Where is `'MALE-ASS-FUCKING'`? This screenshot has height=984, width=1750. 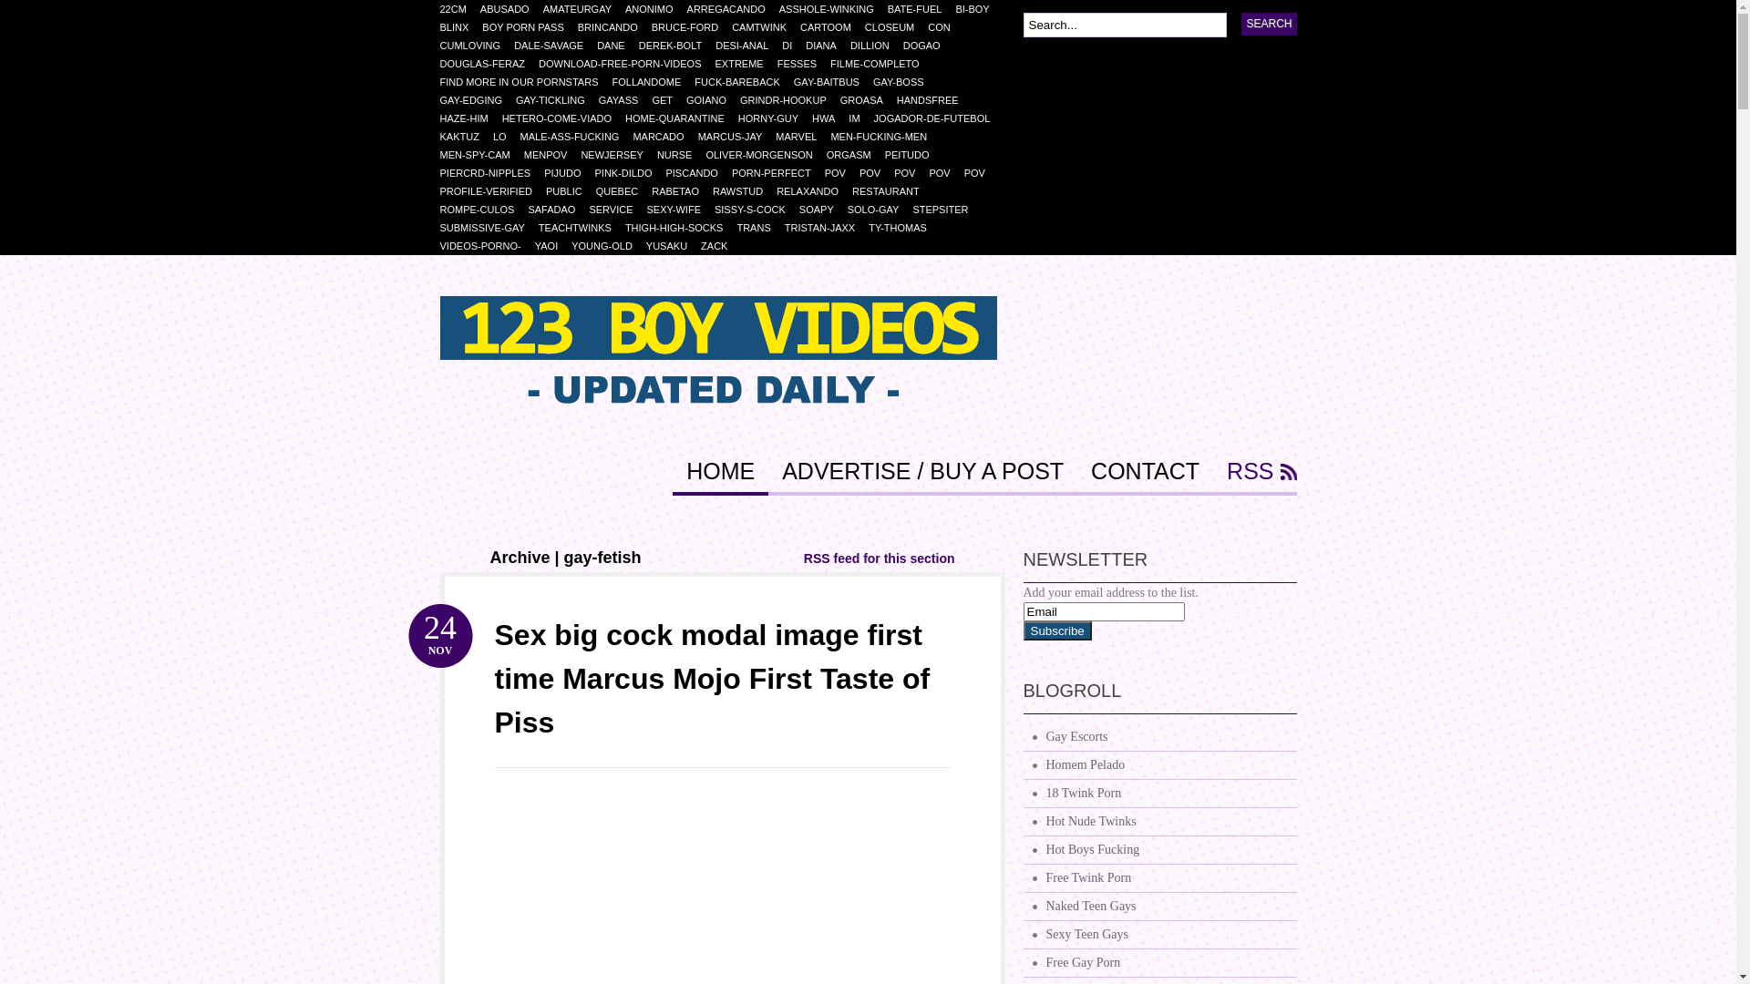 'MALE-ASS-FUCKING' is located at coordinates (576, 136).